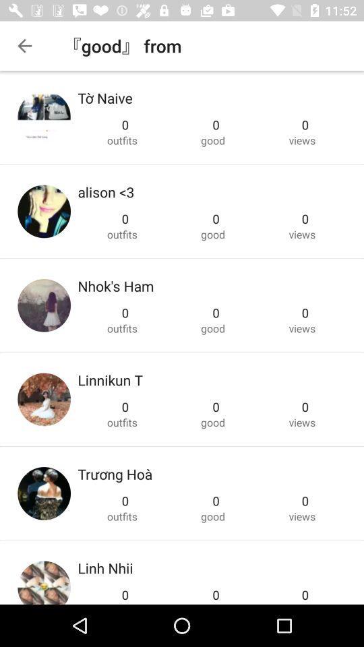  What do you see at coordinates (115, 286) in the screenshot?
I see `the item above the   0 item` at bounding box center [115, 286].